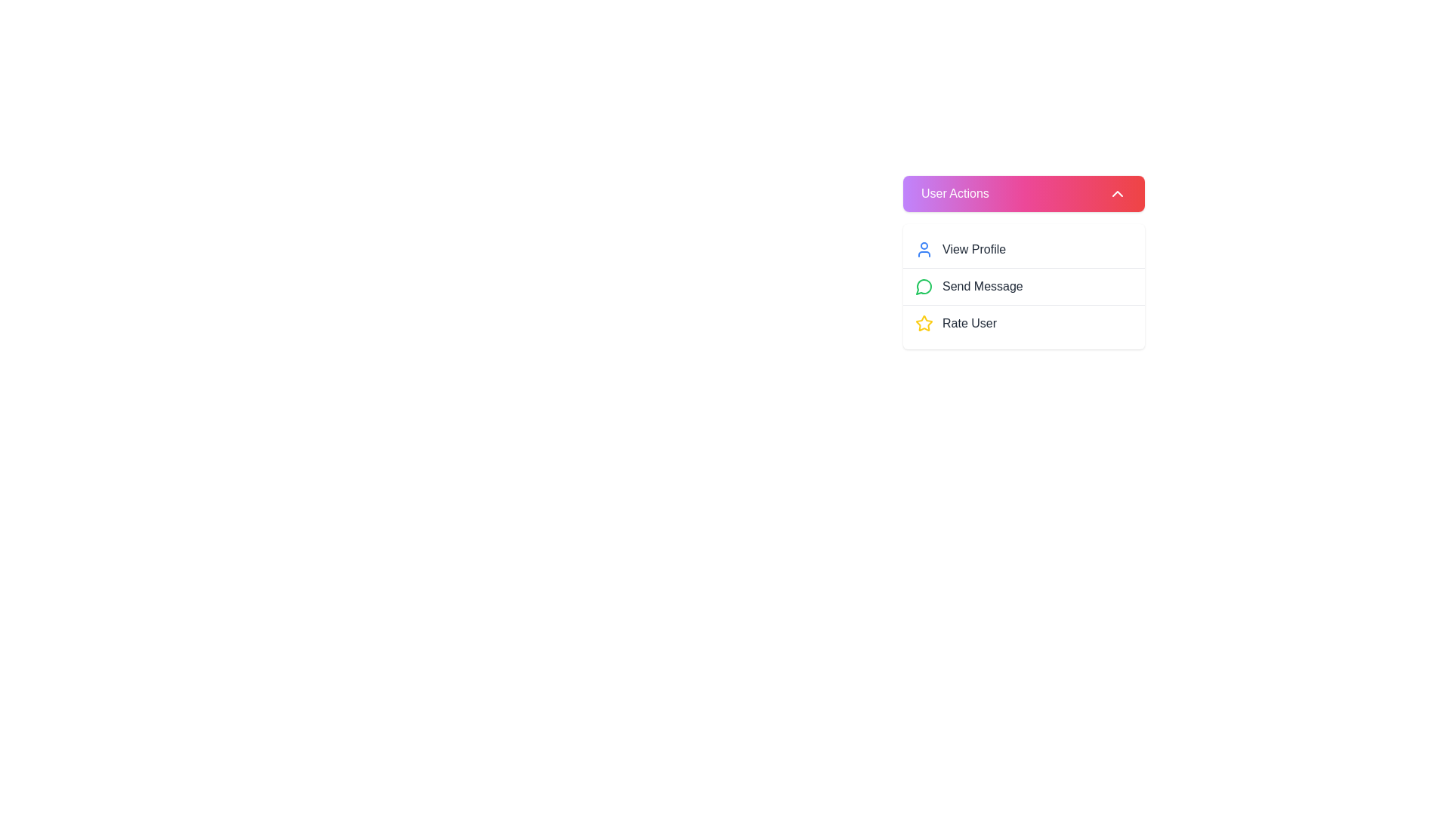 The height and width of the screenshot is (815, 1450). What do you see at coordinates (923, 287) in the screenshot?
I see `the send message icon located in the second row under the 'User Actions' header, which is positioned to the left of the 'Send Message' text in the dropdown menu` at bounding box center [923, 287].